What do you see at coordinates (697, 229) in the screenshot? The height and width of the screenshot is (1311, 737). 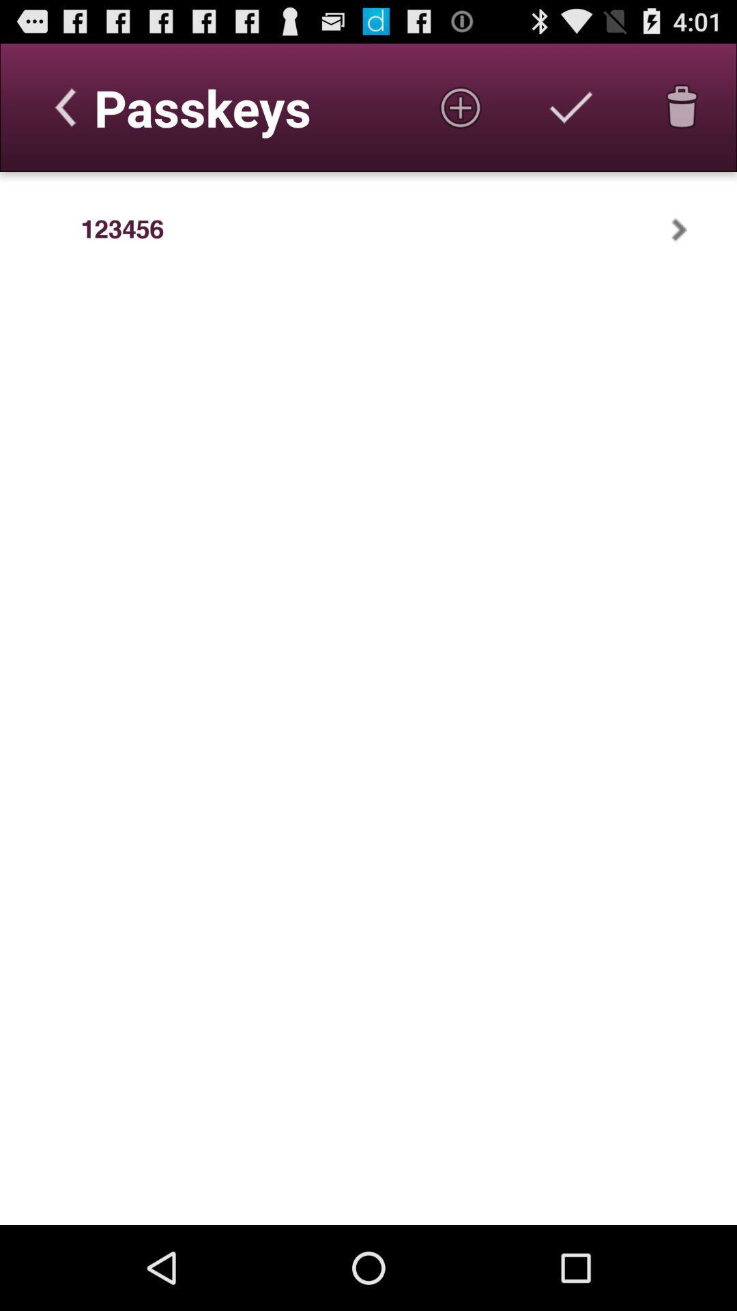 I see `the app to the right of 123456 app` at bounding box center [697, 229].